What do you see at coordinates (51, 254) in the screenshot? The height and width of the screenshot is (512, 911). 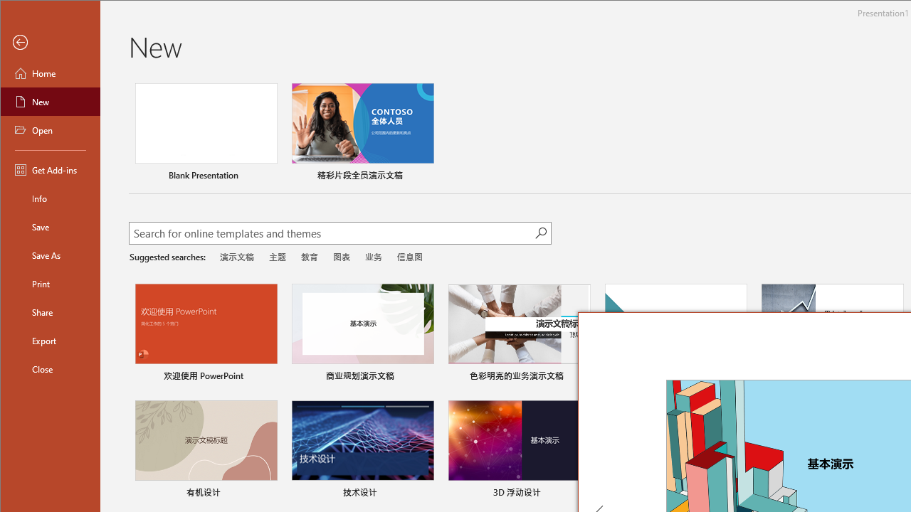 I see `'Save As'` at bounding box center [51, 254].